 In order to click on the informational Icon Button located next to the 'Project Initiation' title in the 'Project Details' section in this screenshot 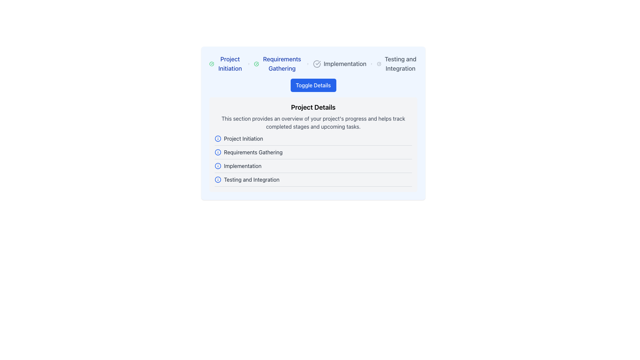, I will do `click(218, 138)`.